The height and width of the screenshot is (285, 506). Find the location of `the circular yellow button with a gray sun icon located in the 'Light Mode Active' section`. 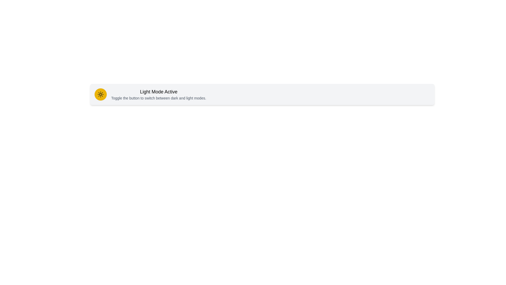

the circular yellow button with a gray sun icon located in the 'Light Mode Active' section is located at coordinates (101, 94).